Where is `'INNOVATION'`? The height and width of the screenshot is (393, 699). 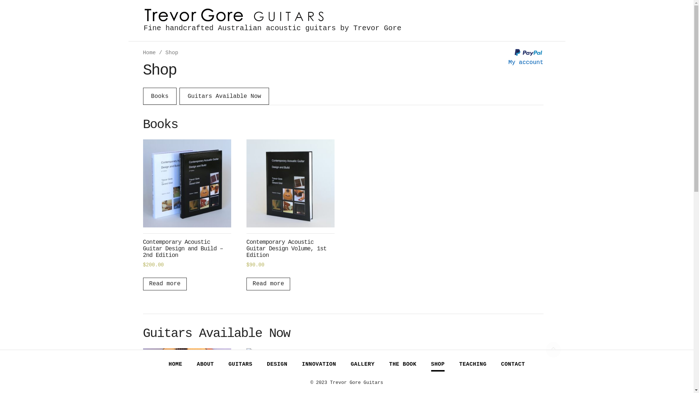 'INNOVATION' is located at coordinates (319, 365).